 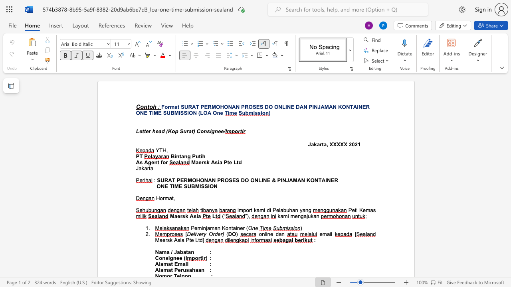 What do you see at coordinates (305, 106) in the screenshot?
I see `the 5th character "N" in the text` at bounding box center [305, 106].